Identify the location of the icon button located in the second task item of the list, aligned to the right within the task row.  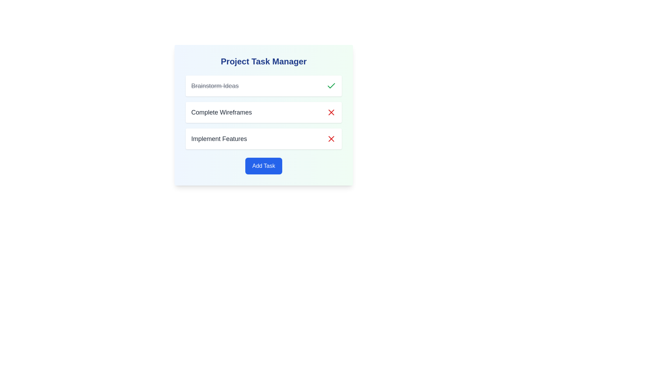
(331, 139).